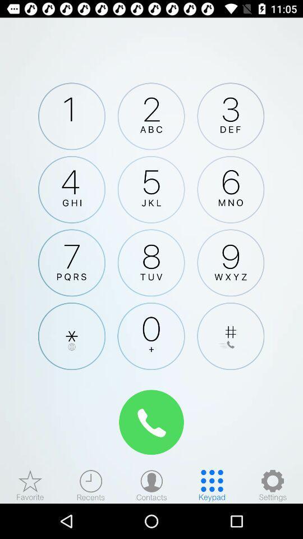 This screenshot has width=303, height=539. What do you see at coordinates (90, 485) in the screenshot?
I see `recent calls` at bounding box center [90, 485].